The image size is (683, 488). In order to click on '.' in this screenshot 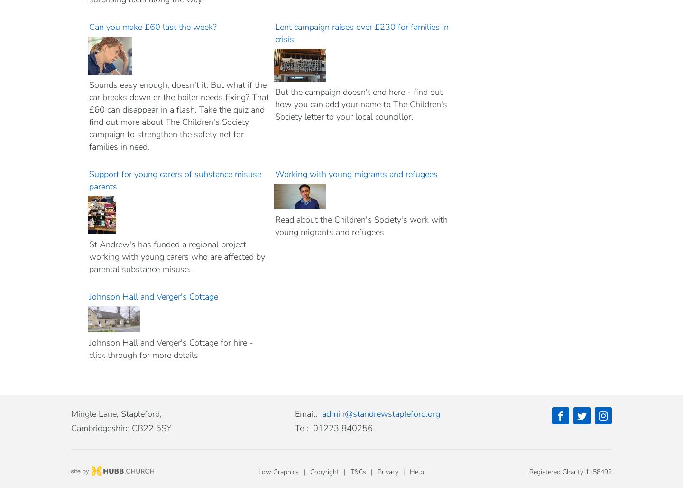, I will do `click(426, 413)`.